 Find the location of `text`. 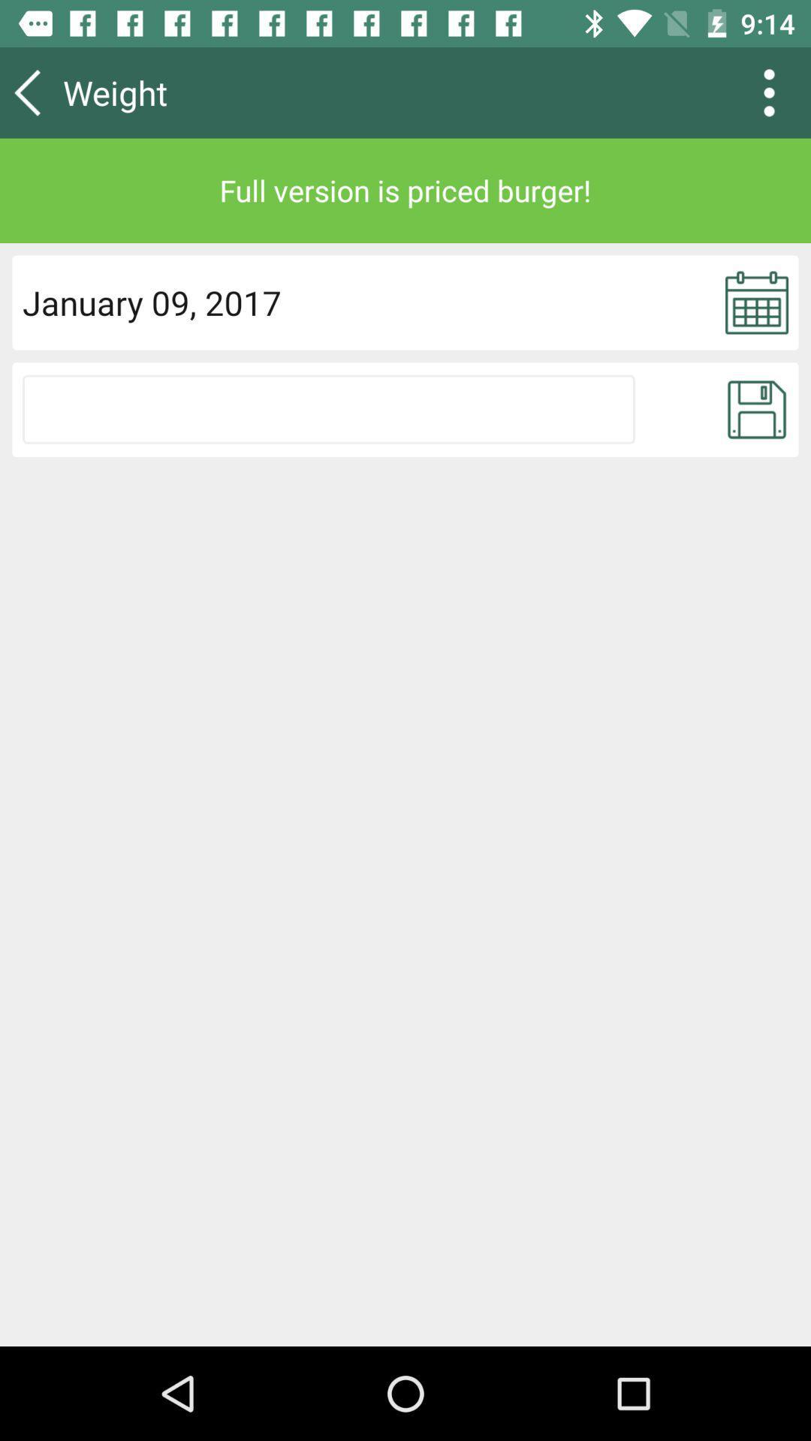

text is located at coordinates (328, 409).